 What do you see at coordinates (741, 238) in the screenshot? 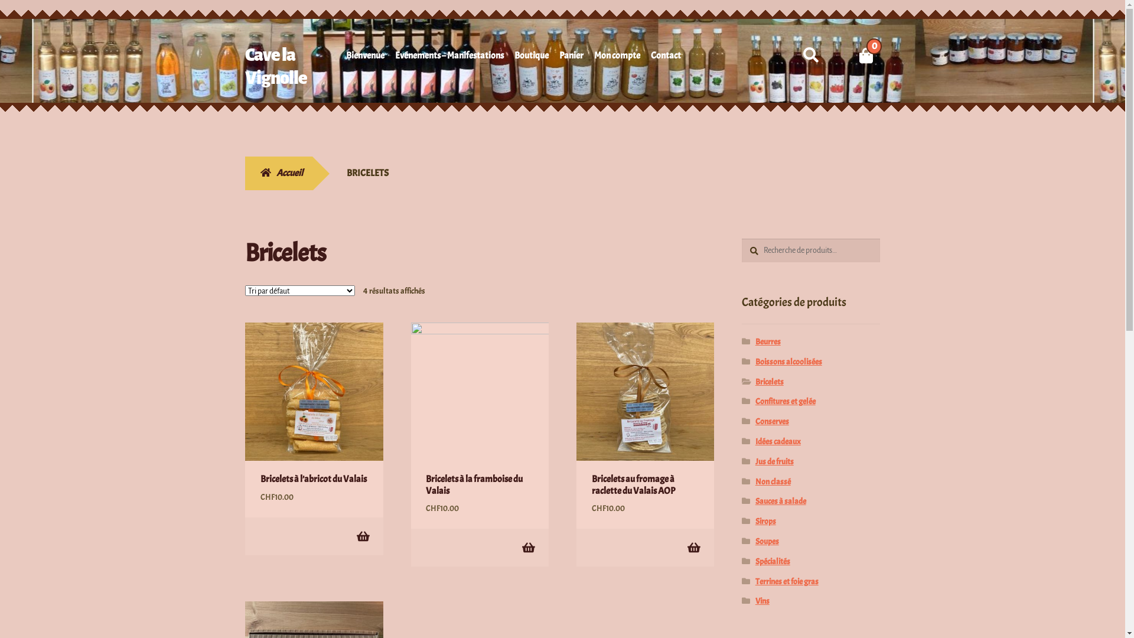
I see `'Recherche'` at bounding box center [741, 238].